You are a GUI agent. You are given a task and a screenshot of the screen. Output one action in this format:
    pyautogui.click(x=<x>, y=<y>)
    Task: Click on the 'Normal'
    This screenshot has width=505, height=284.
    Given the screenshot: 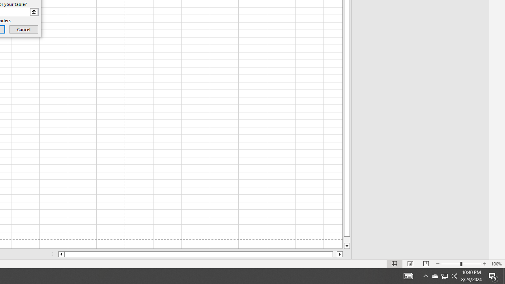 What is the action you would take?
    pyautogui.click(x=395, y=264)
    